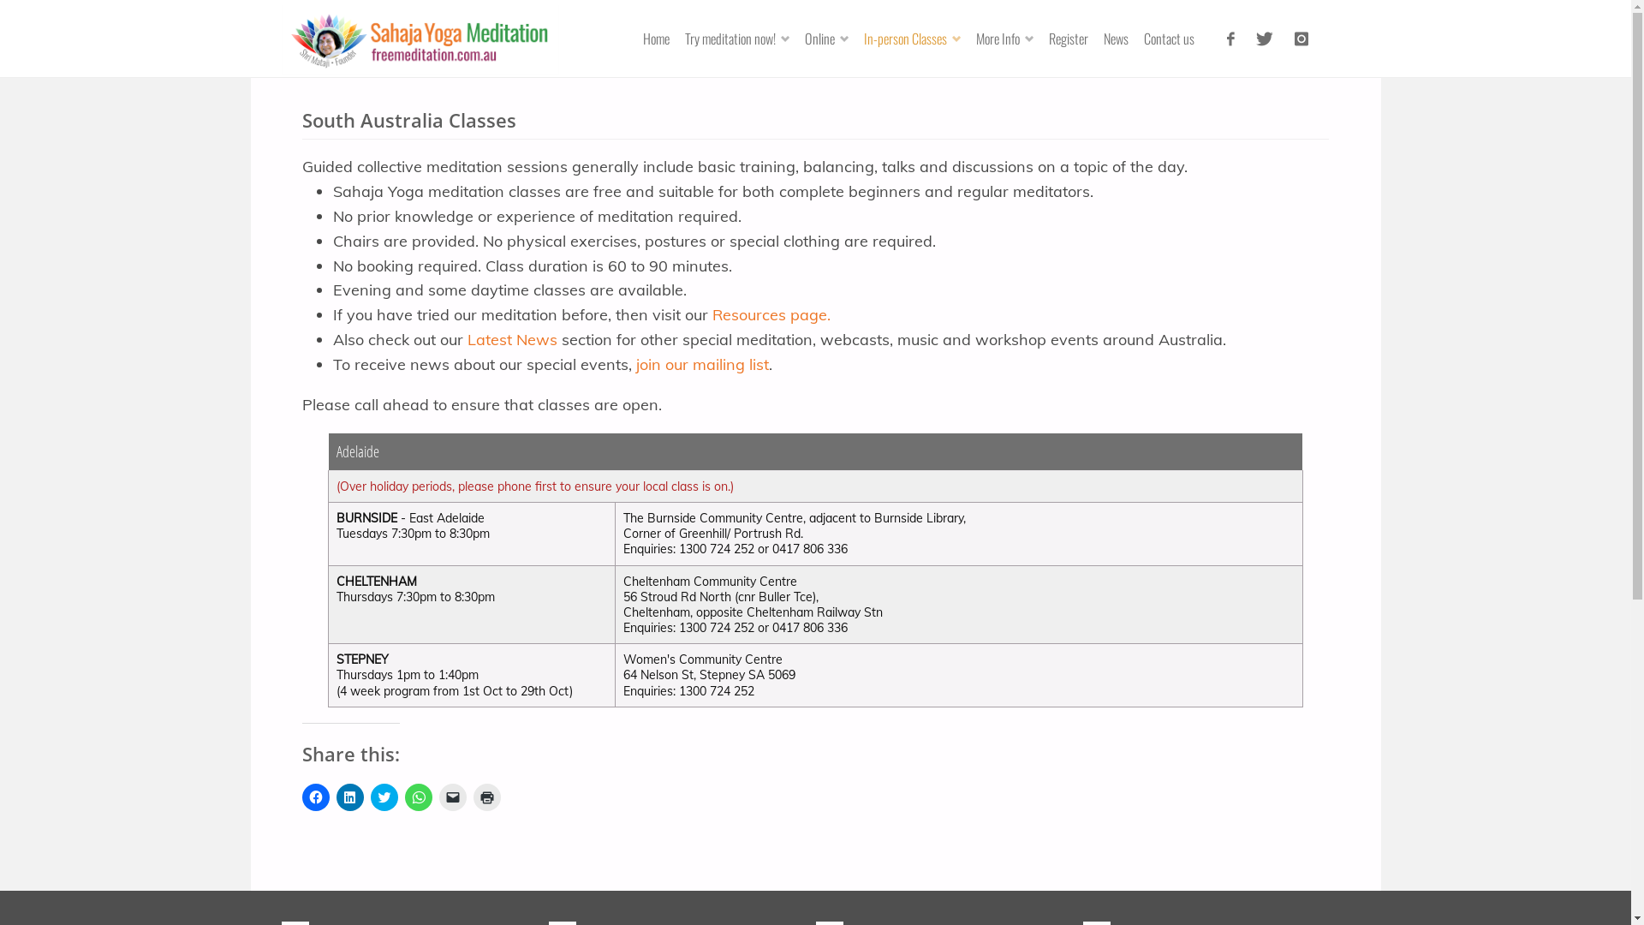 The image size is (1644, 925). I want to click on 'Free Meditation Worldwide', so click(419, 38).